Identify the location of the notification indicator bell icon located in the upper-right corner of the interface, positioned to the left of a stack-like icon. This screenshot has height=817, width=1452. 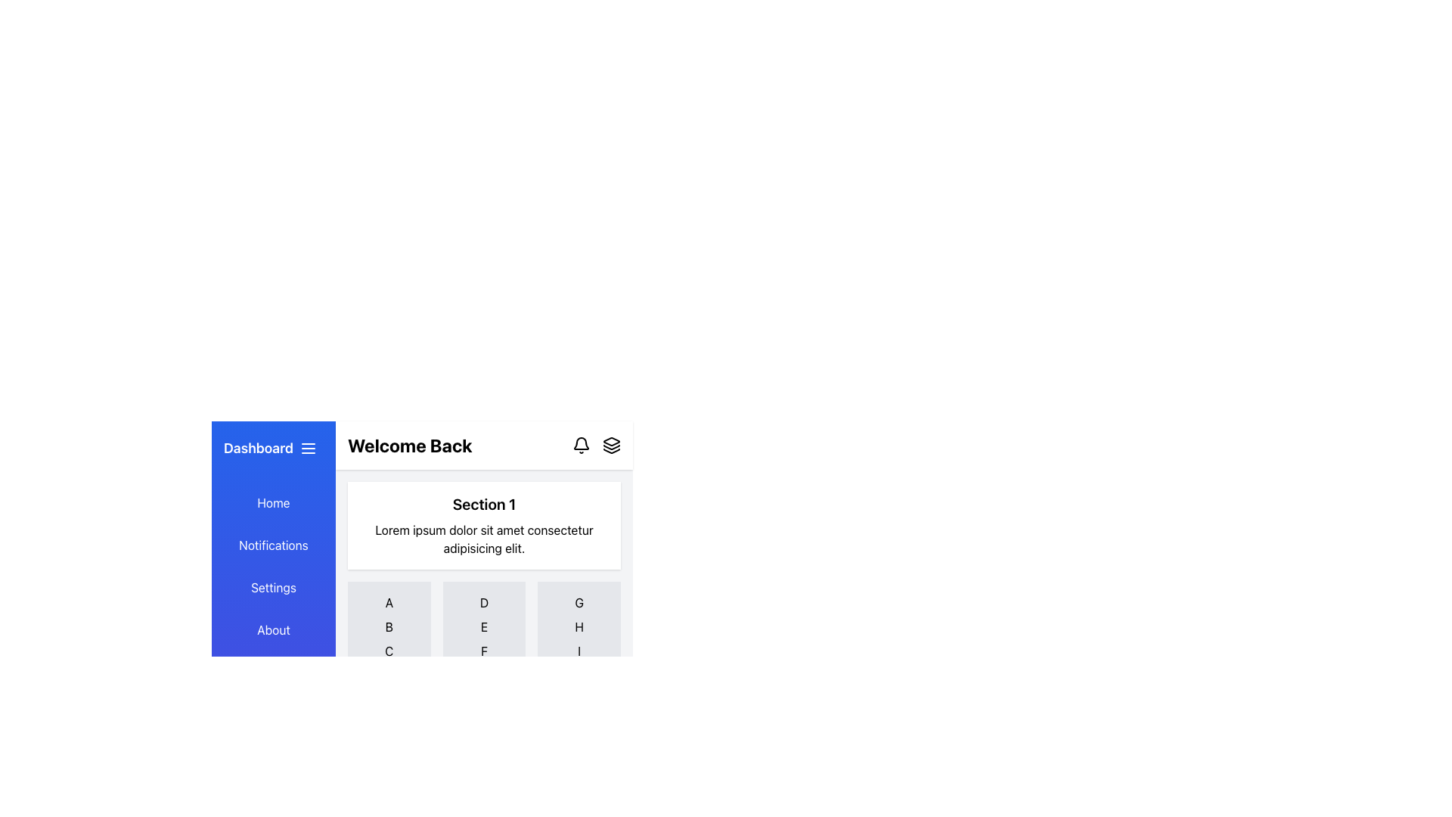
(580, 445).